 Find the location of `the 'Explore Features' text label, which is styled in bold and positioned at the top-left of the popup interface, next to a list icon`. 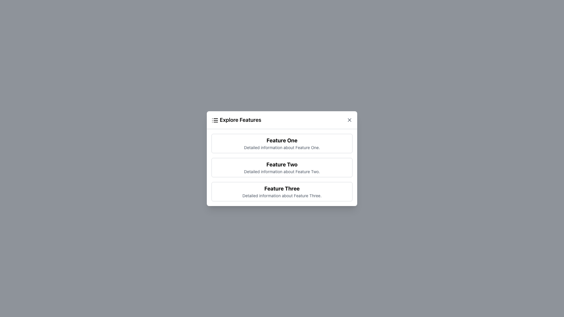

the 'Explore Features' text label, which is styled in bold and positioned at the top-left of the popup interface, next to a list icon is located at coordinates (236, 119).